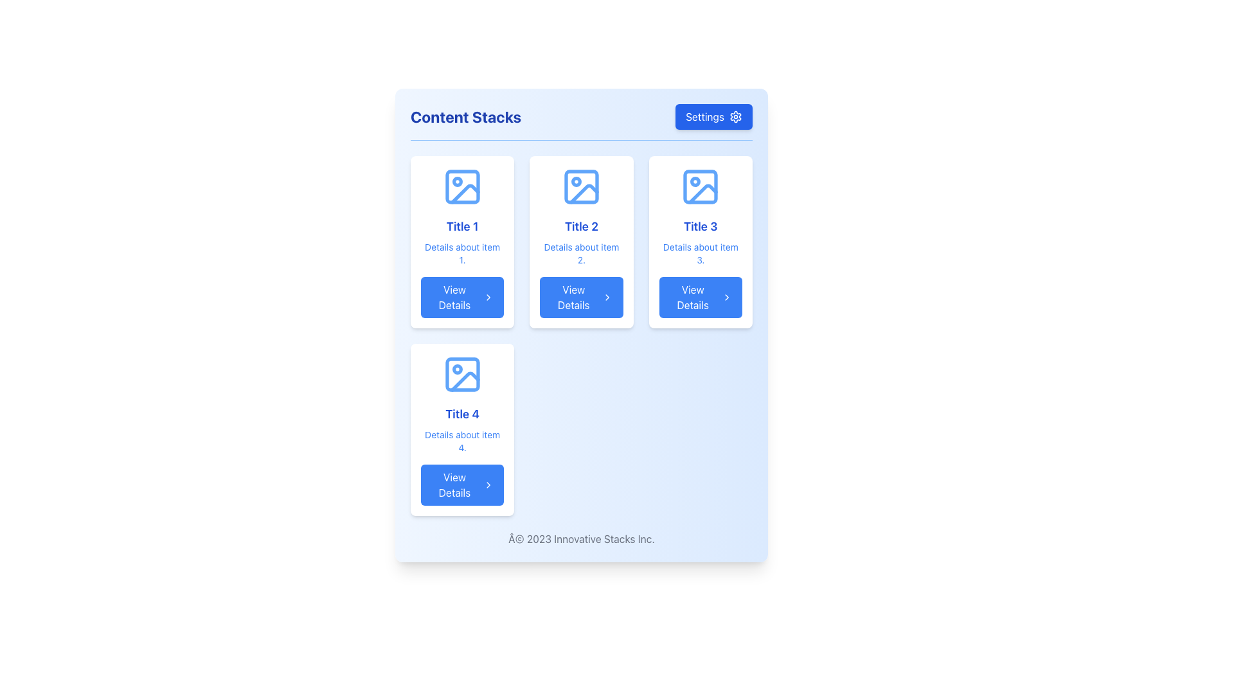 Image resolution: width=1234 pixels, height=694 pixels. Describe the element at coordinates (702, 194) in the screenshot. I see `the triangular-shaped icon within the card titled 'Title 3', located in the third column of the top row` at that location.